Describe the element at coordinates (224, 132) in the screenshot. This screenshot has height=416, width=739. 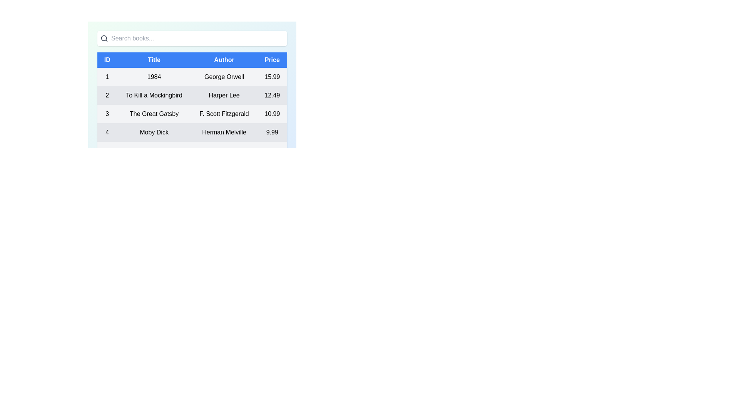
I see `the text label displaying 'Herman Melville' in the 'Author' column of the fourth row in the table` at that location.